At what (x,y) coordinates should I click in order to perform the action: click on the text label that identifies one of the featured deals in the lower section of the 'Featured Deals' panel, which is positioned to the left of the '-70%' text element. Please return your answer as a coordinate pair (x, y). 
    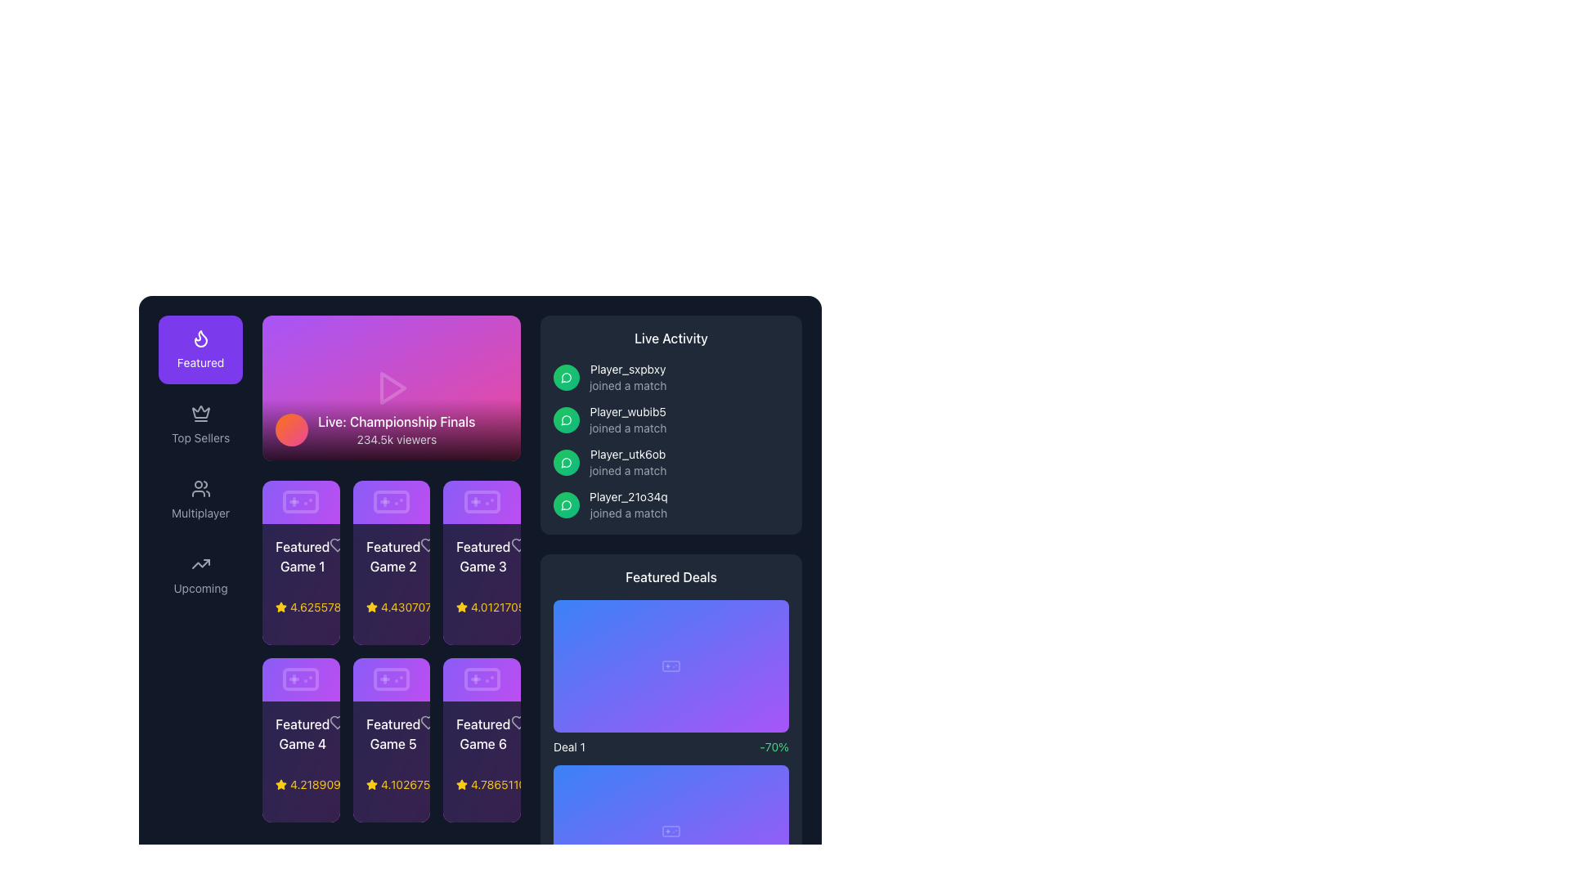
    Looking at the image, I should click on (569, 747).